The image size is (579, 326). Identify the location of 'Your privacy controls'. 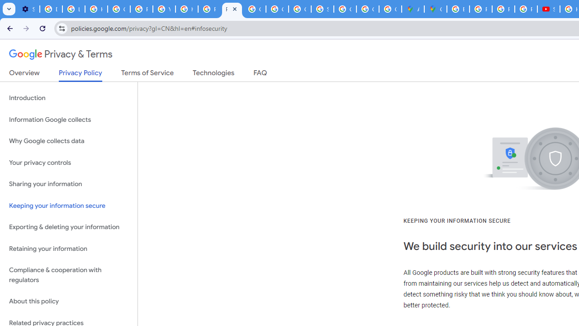
(68, 162).